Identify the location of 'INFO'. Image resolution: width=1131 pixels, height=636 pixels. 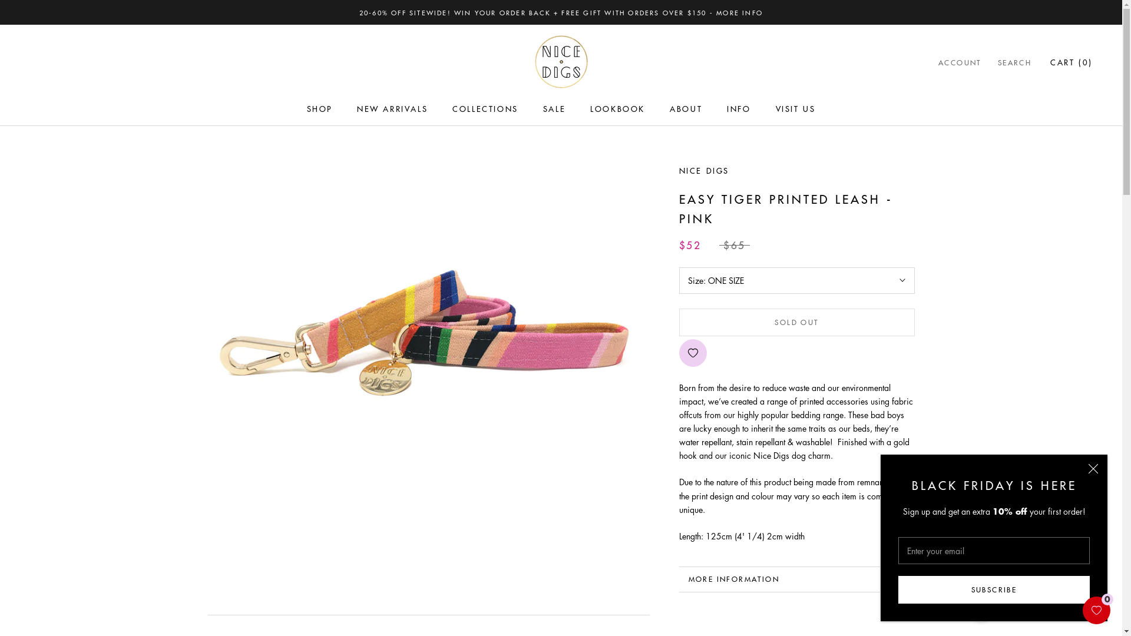
(738, 108).